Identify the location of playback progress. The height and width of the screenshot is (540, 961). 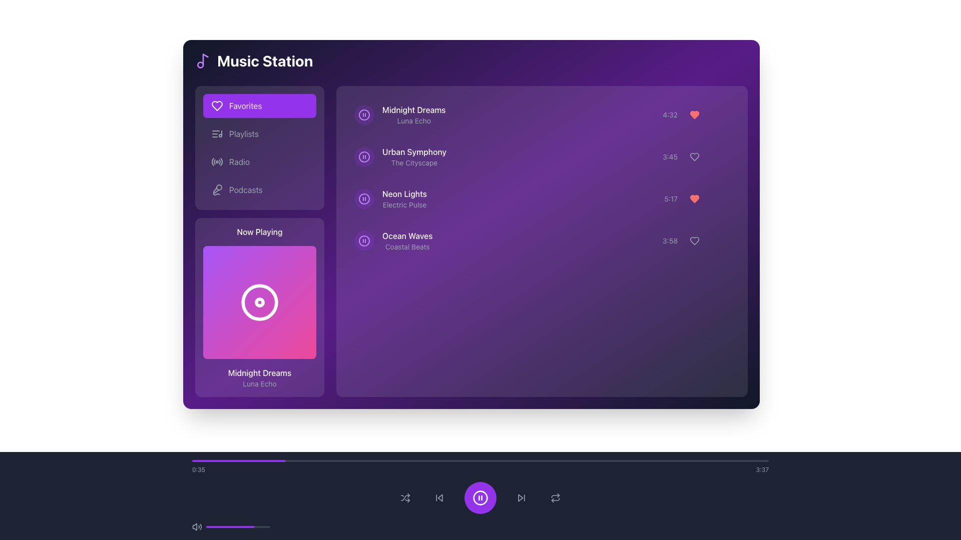
(434, 460).